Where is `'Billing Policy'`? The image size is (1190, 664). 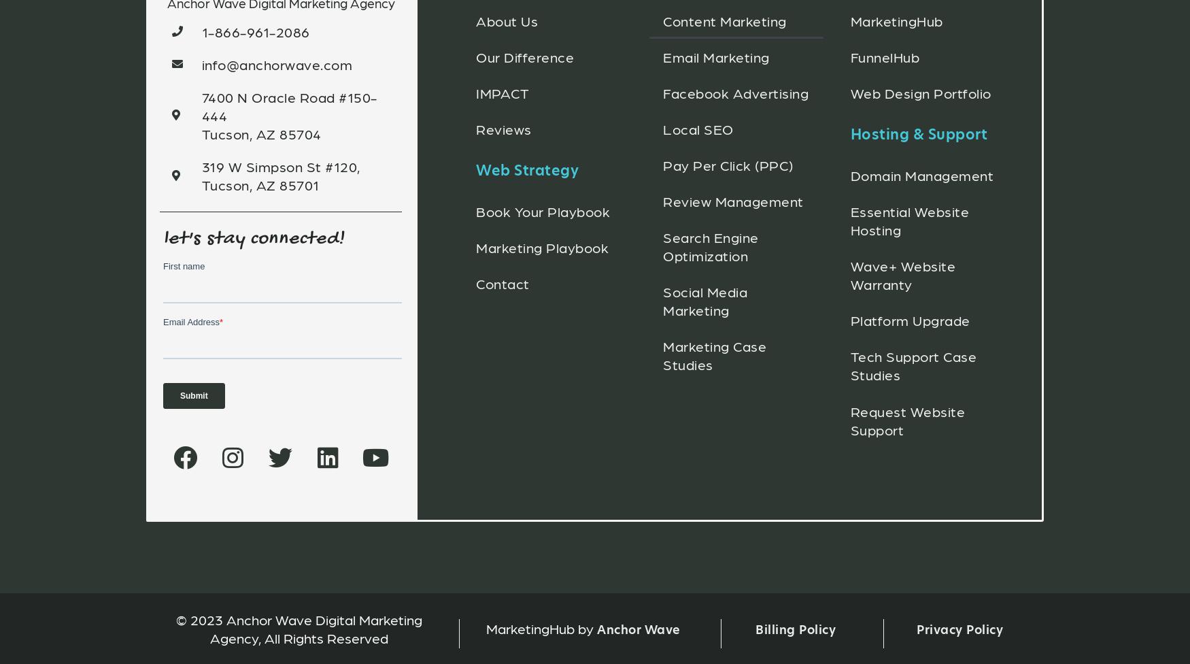
'Billing Policy' is located at coordinates (795, 628).